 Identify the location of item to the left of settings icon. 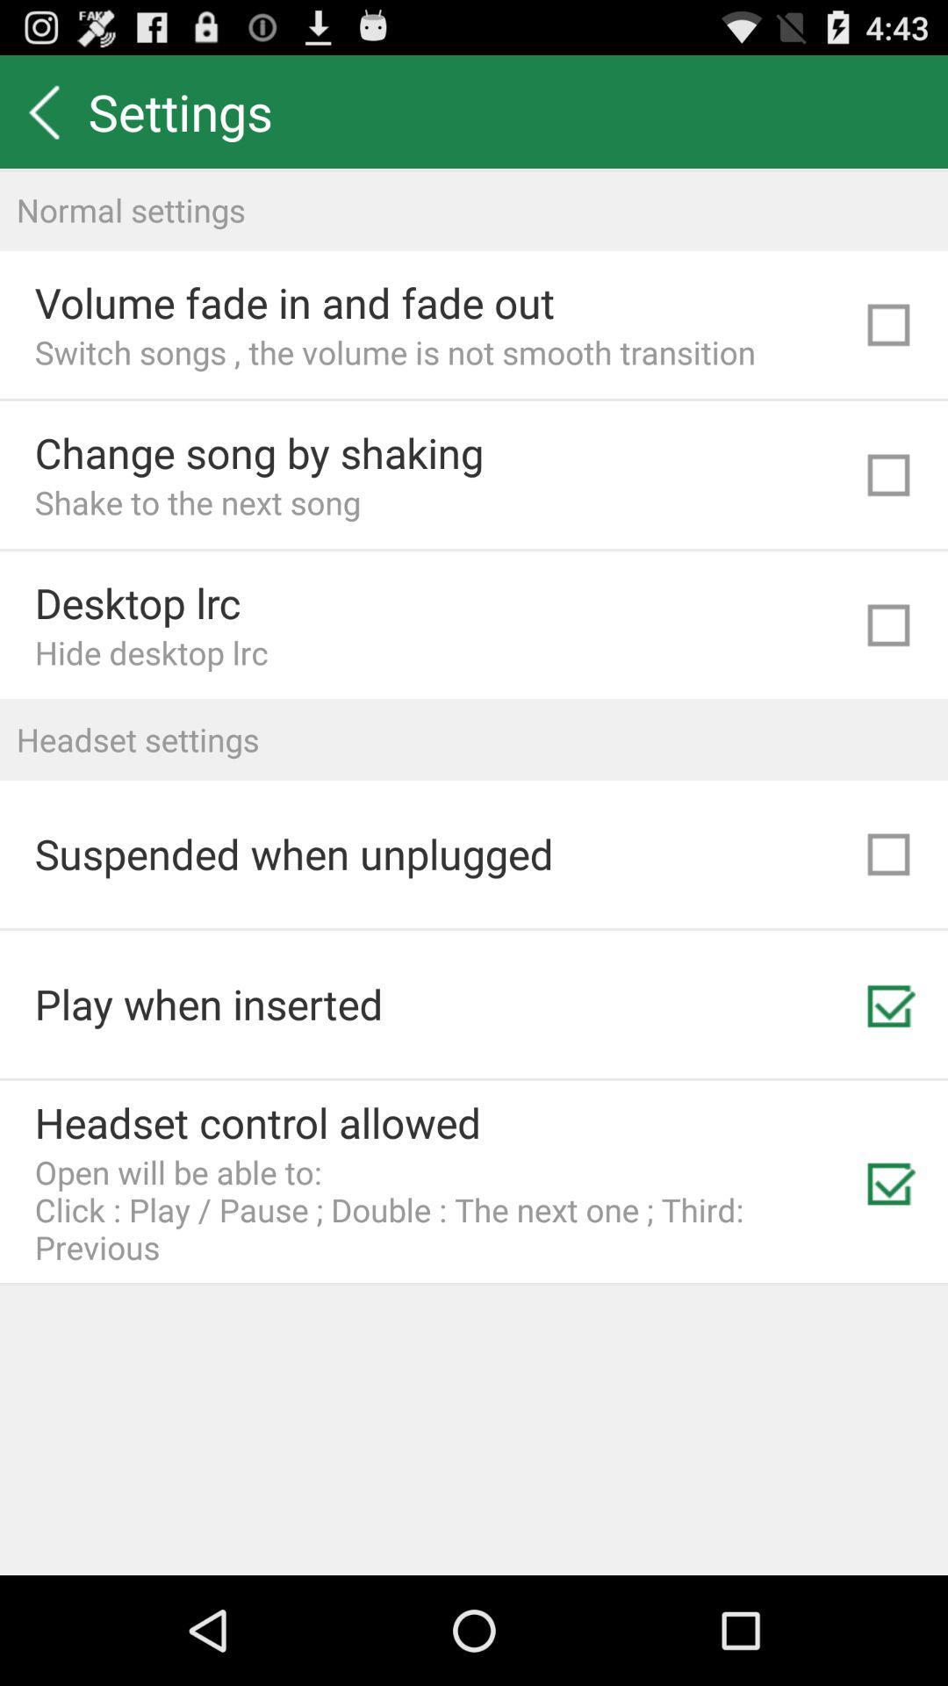
(43, 111).